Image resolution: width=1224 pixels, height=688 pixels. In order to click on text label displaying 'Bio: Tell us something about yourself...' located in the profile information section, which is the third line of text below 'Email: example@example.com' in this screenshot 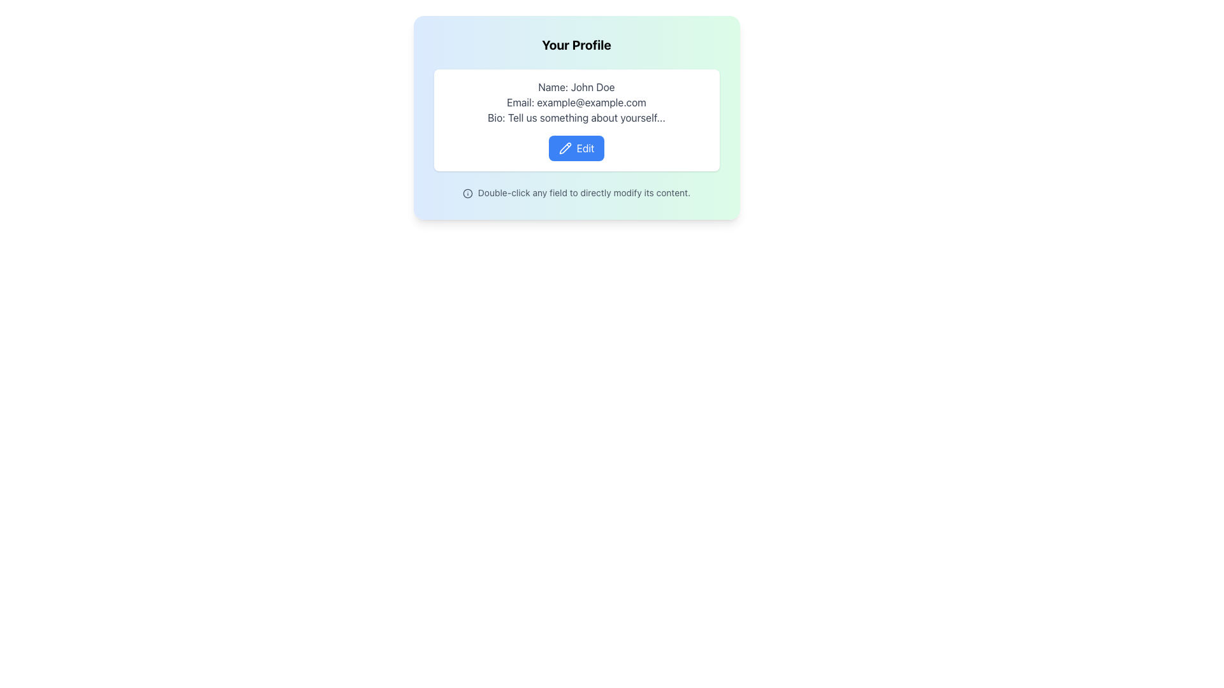, I will do `click(576, 118)`.